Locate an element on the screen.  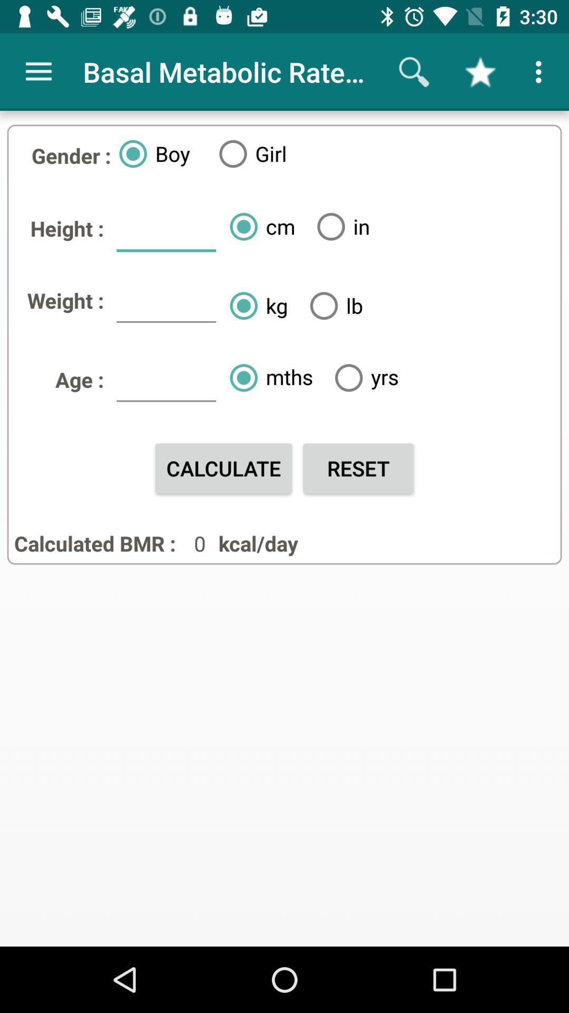
the icon next to the gender : icon is located at coordinates (150, 153).